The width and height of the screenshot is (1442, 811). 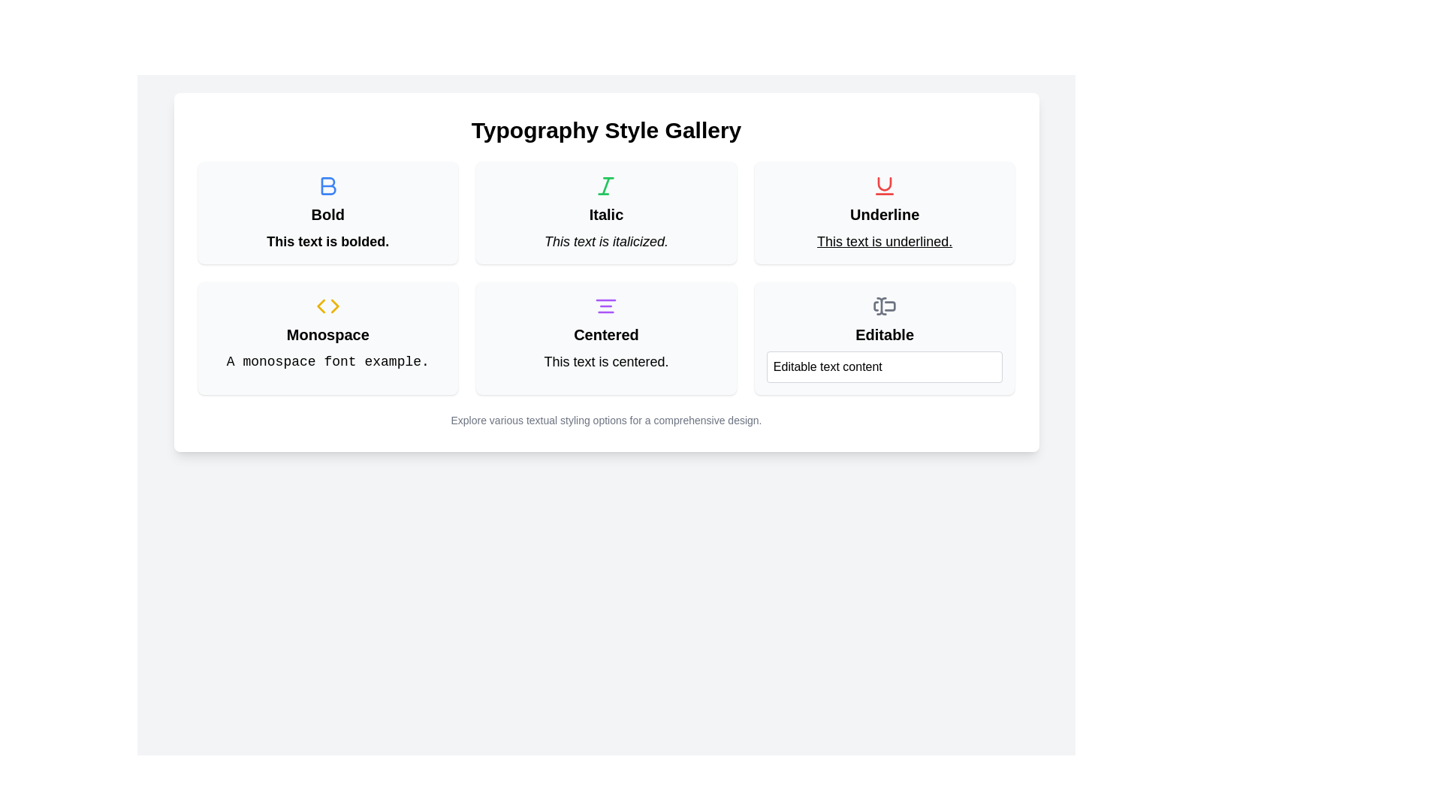 I want to click on the italicized text located at the bottom of the card labeled 'Italic', which features a green italic 'I' icon at the top, so click(x=606, y=240).